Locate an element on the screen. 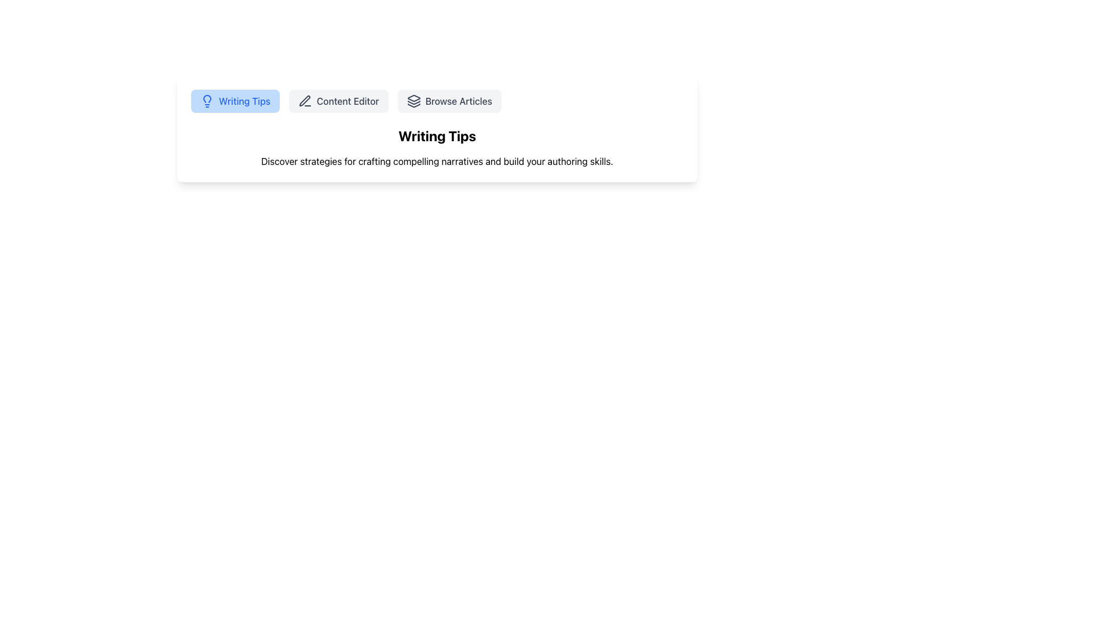 Image resolution: width=1112 pixels, height=625 pixels. upper curved stroke of the lightbulb SVG icon located within the 'Writing Tips' button is located at coordinates (207, 98).